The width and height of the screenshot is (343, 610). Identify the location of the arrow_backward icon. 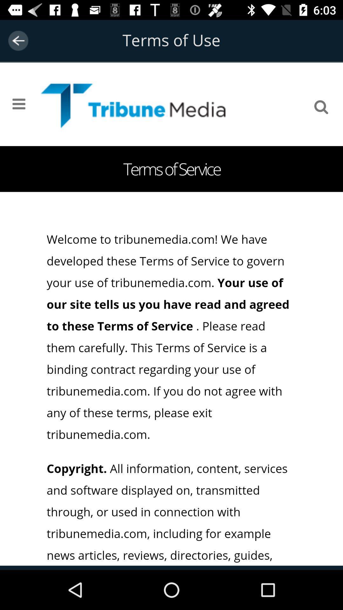
(18, 40).